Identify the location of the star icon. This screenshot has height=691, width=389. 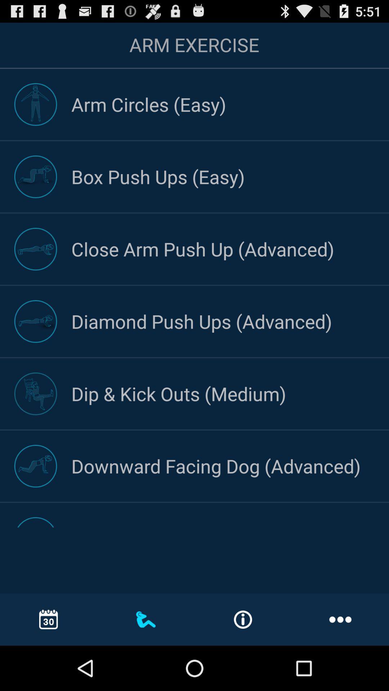
(224, 325).